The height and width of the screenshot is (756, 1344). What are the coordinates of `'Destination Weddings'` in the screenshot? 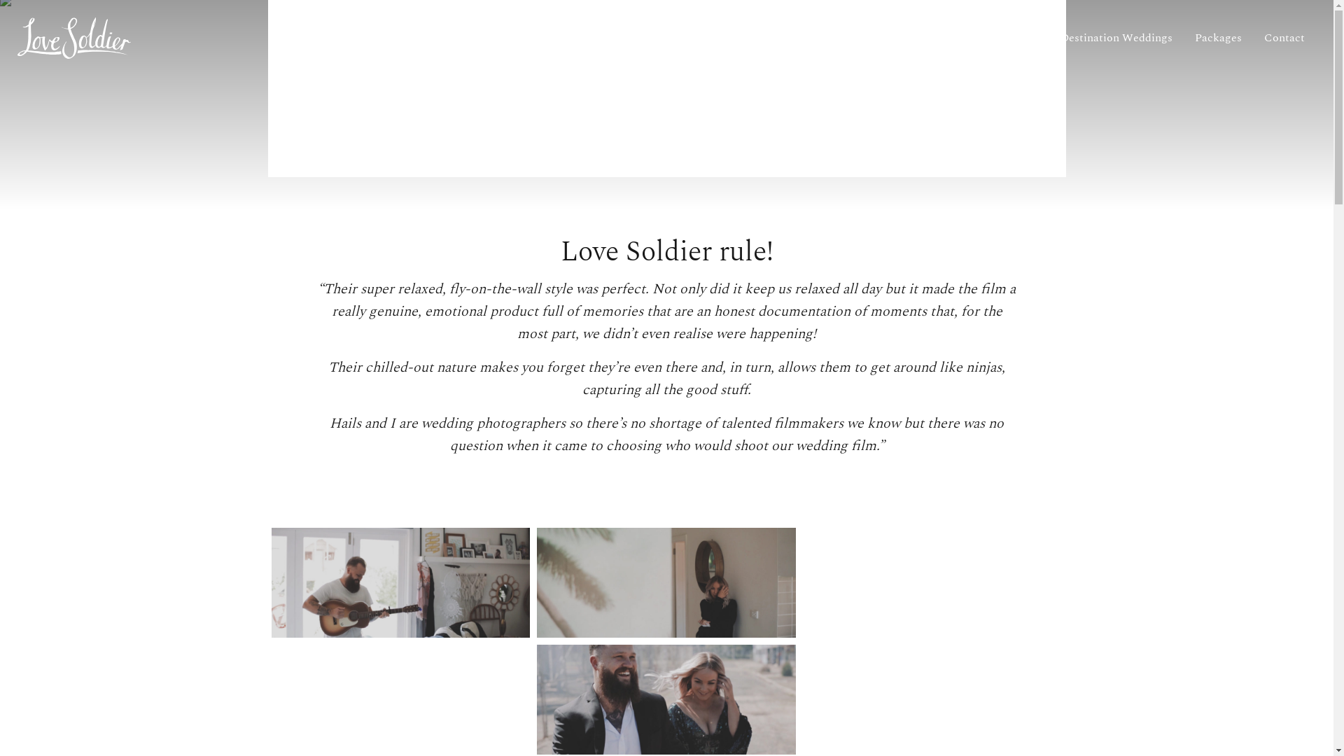 It's located at (1049, 37).